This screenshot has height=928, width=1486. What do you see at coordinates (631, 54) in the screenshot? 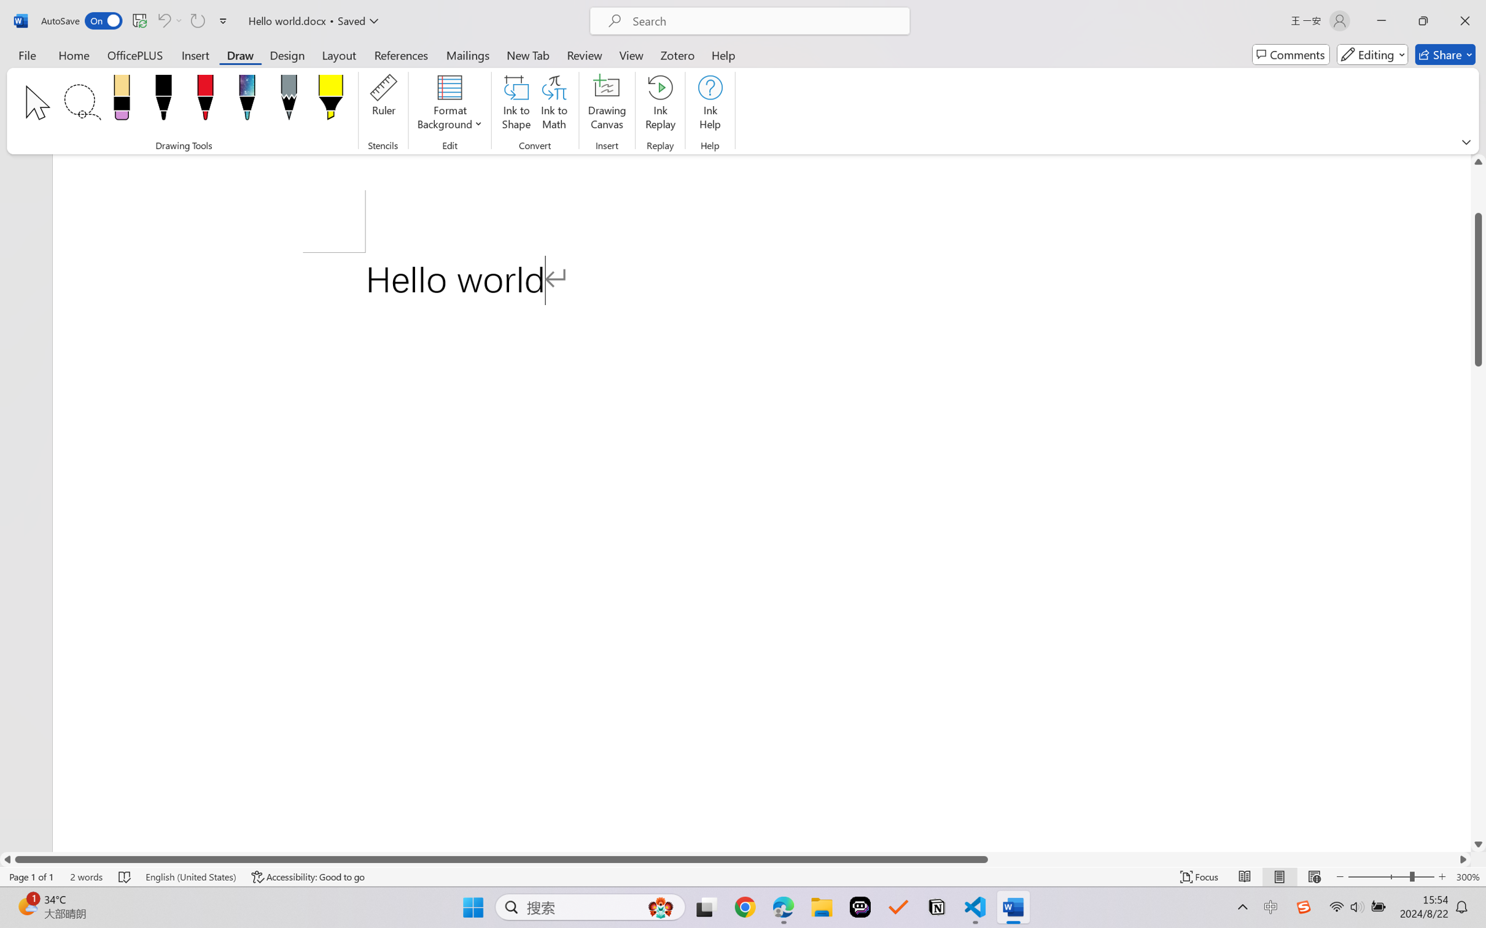
I see `'View'` at bounding box center [631, 54].